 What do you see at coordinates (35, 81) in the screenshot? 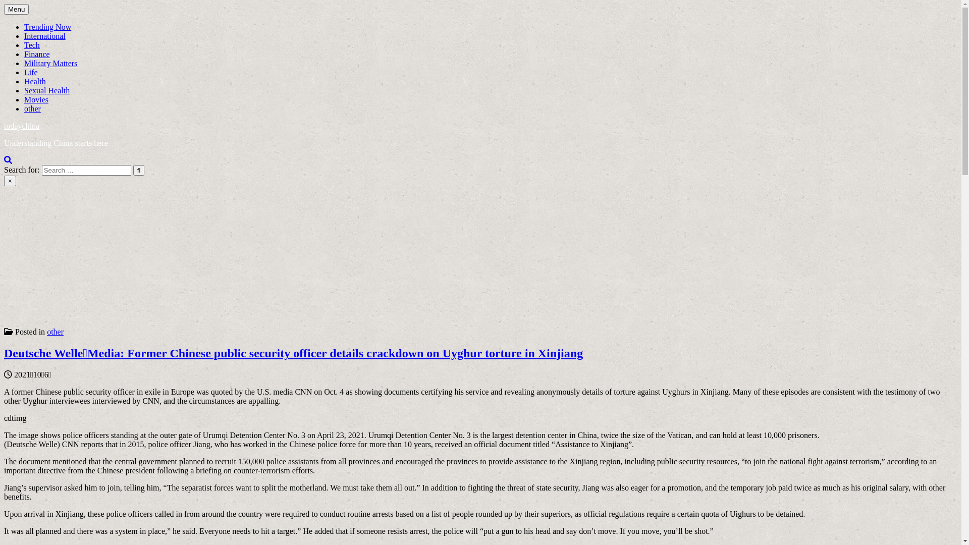
I see `'Health'` at bounding box center [35, 81].